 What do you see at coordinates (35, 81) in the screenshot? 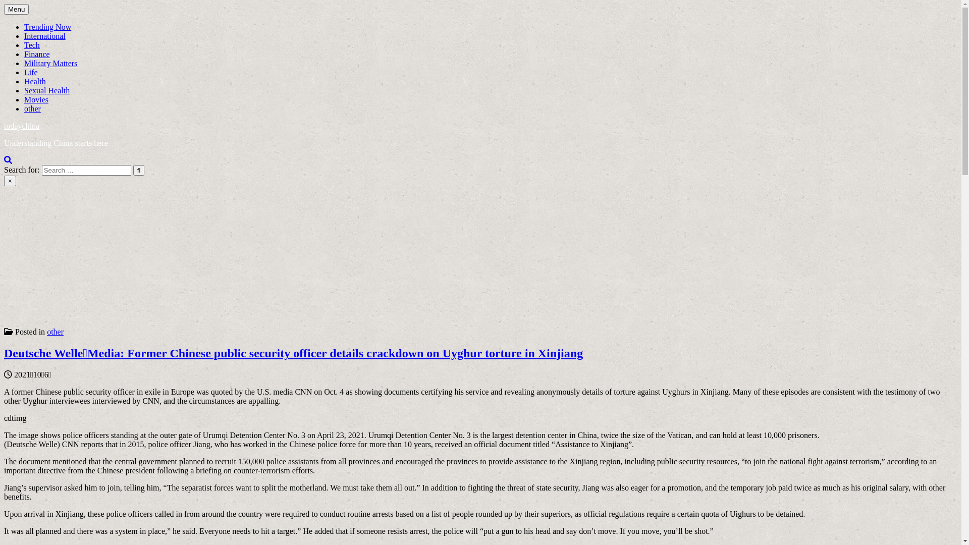
I see `'Health'` at bounding box center [35, 81].